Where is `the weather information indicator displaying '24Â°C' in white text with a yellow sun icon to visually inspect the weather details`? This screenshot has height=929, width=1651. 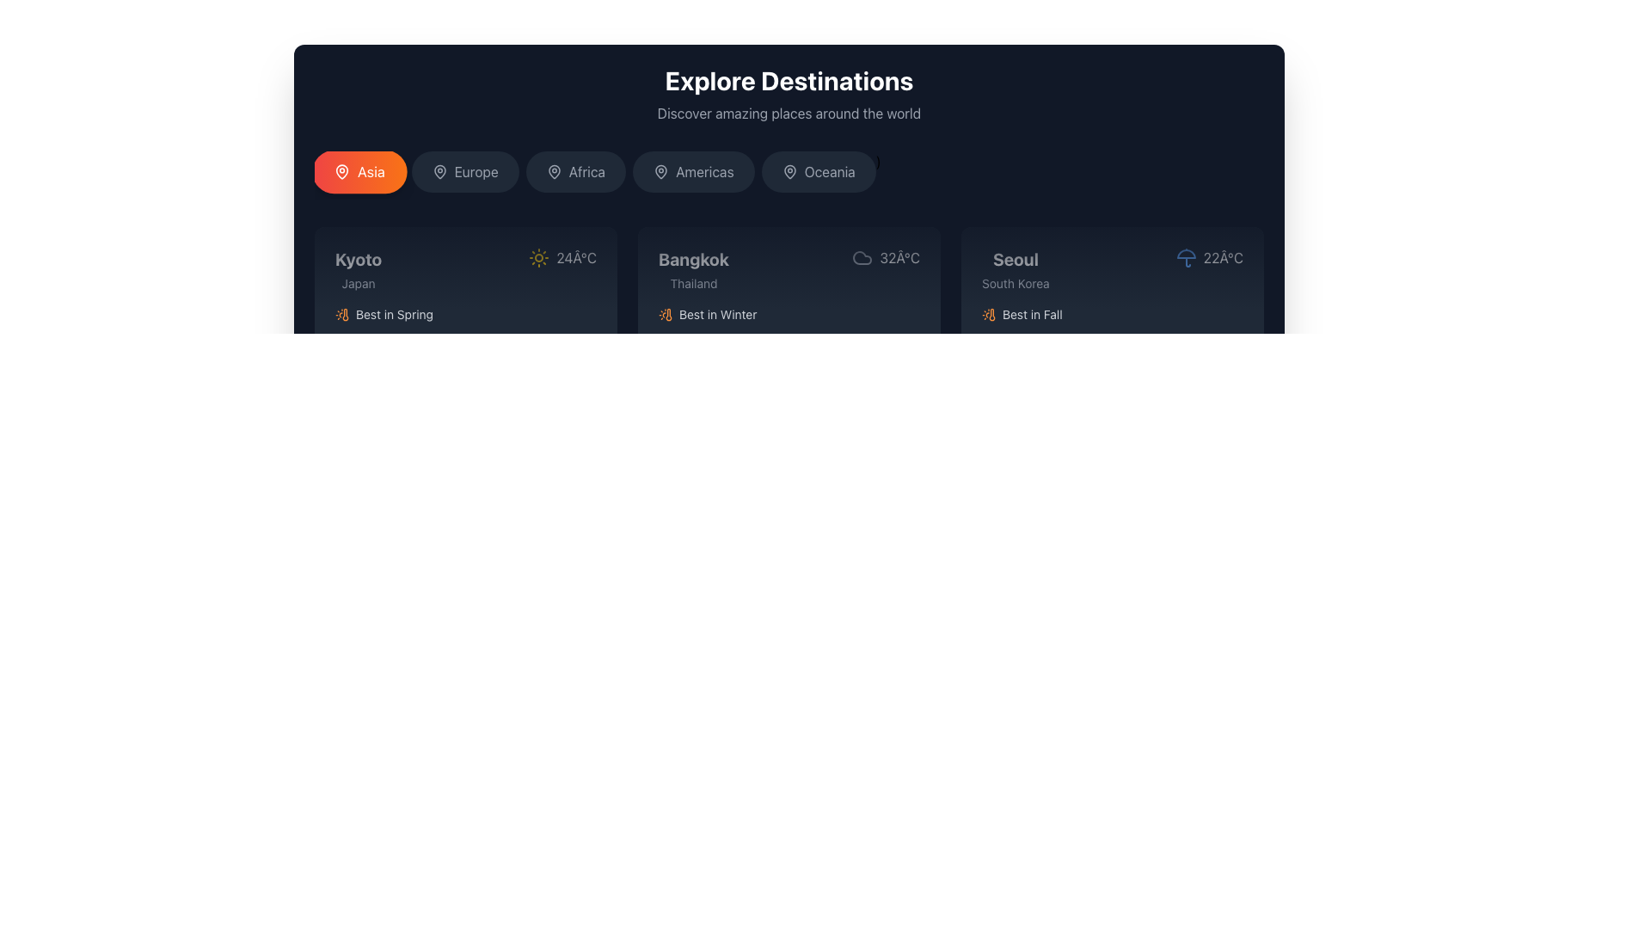
the weather information indicator displaying '24Â°C' in white text with a yellow sun icon to visually inspect the weather details is located at coordinates (562, 258).